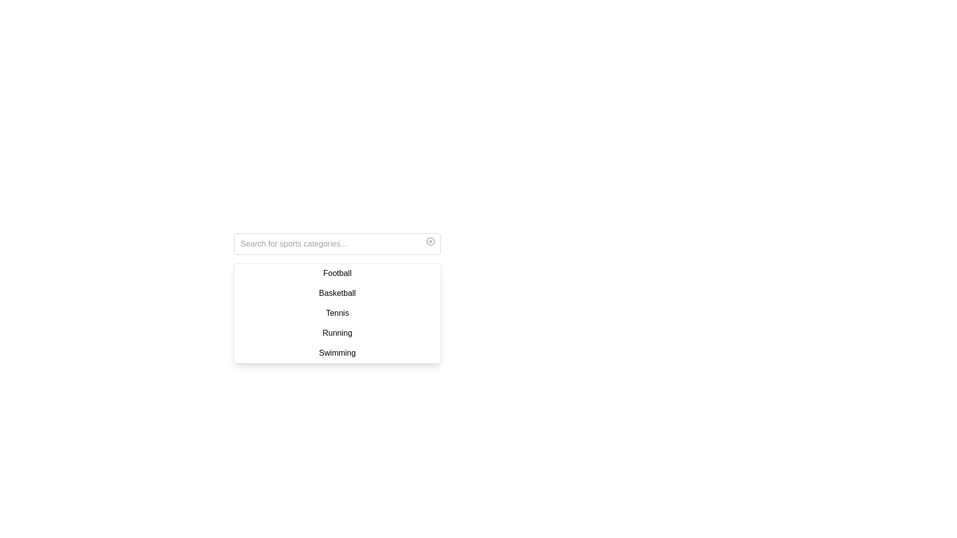  I want to click on the 'Running' button-like list item in the dropdown, so click(337, 333).